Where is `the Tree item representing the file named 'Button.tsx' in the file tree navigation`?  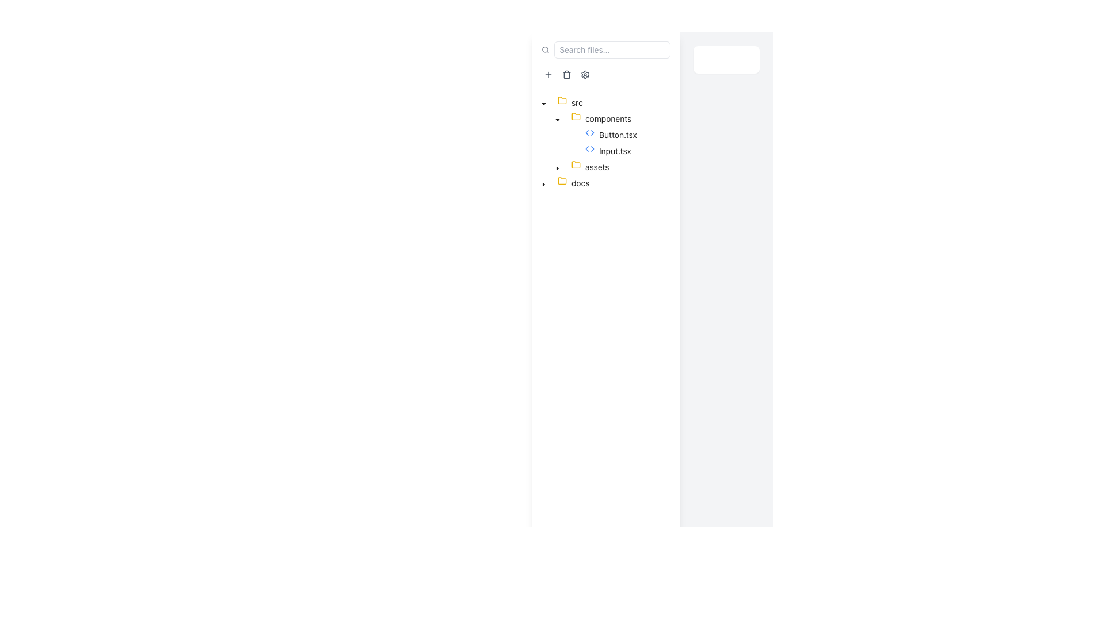 the Tree item representing the file named 'Button.tsx' in the file tree navigation is located at coordinates (589, 135).